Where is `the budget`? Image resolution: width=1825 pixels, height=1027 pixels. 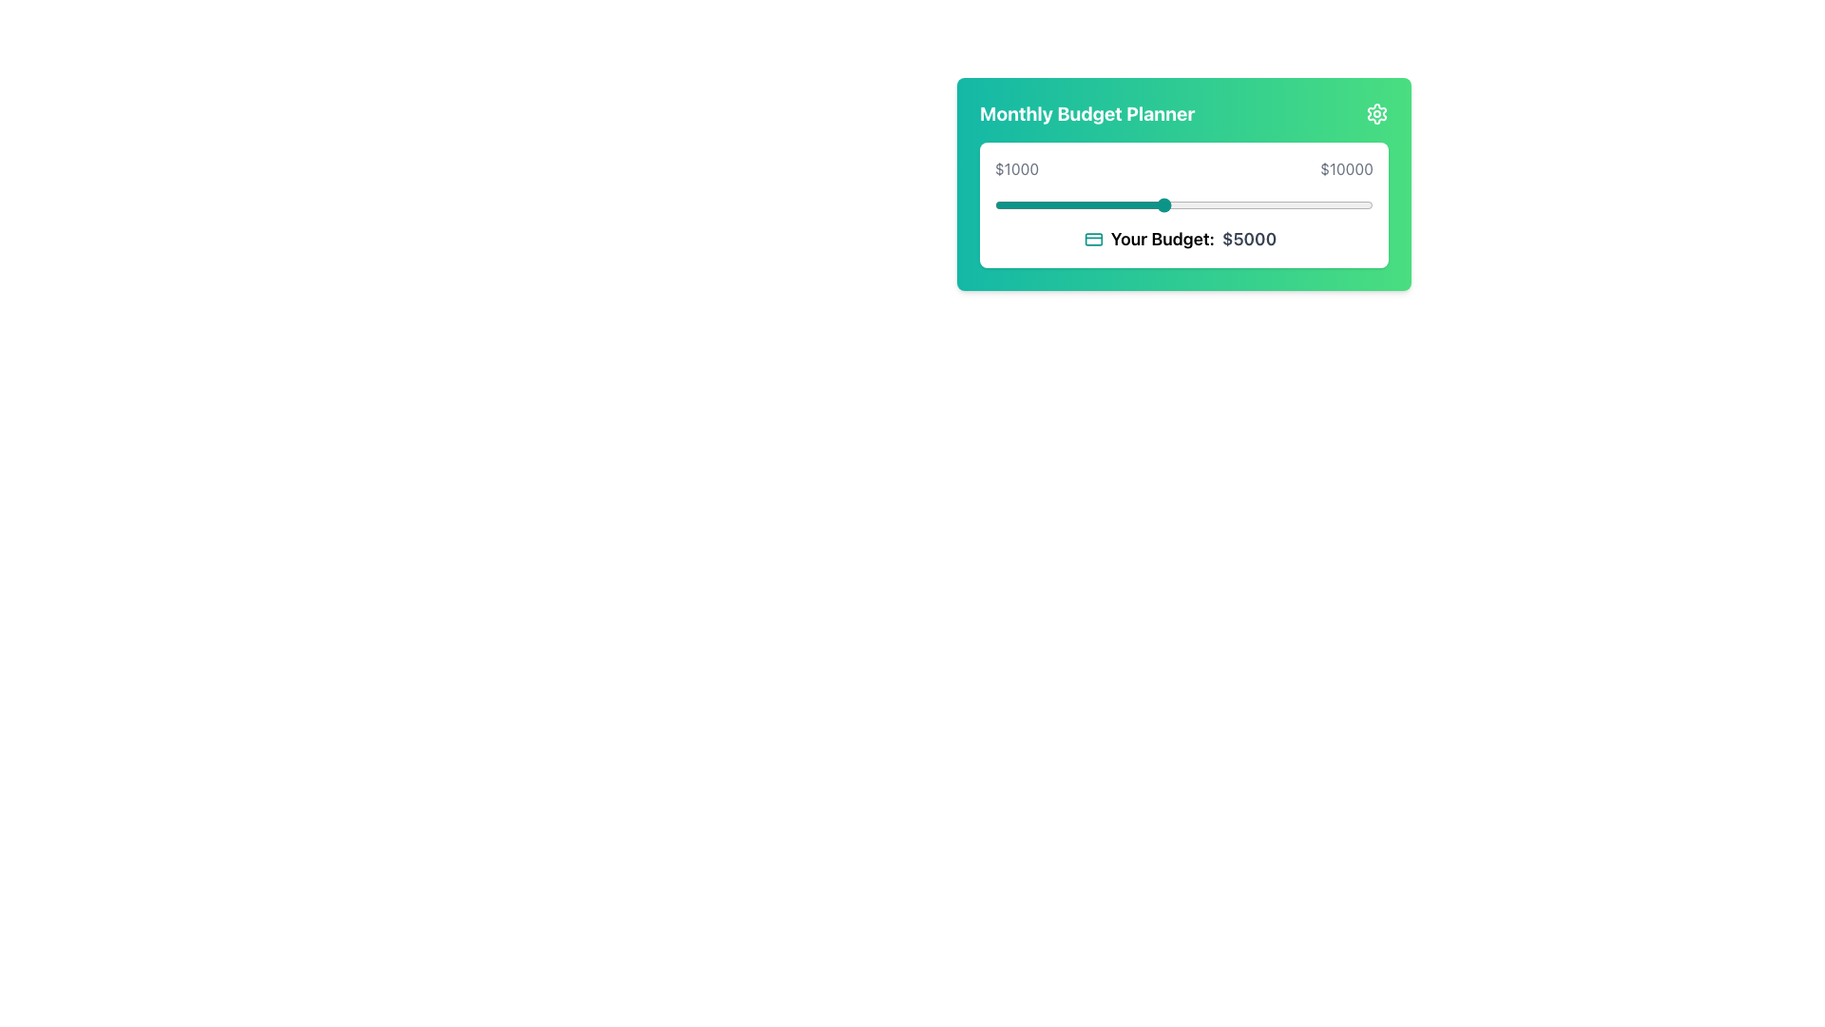
the budget is located at coordinates (1133, 205).